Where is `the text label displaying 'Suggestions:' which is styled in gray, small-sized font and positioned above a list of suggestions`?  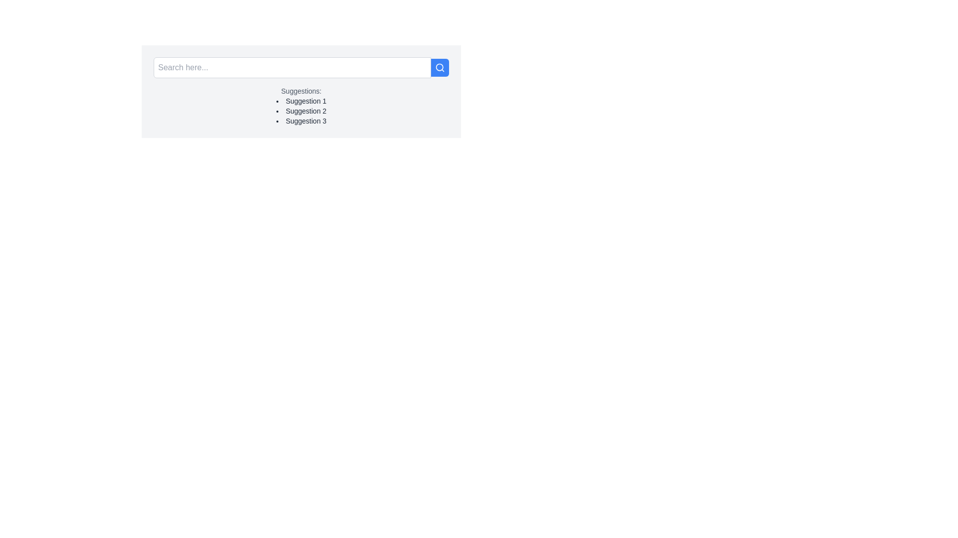
the text label displaying 'Suggestions:' which is styled in gray, small-sized font and positioned above a list of suggestions is located at coordinates (301, 91).